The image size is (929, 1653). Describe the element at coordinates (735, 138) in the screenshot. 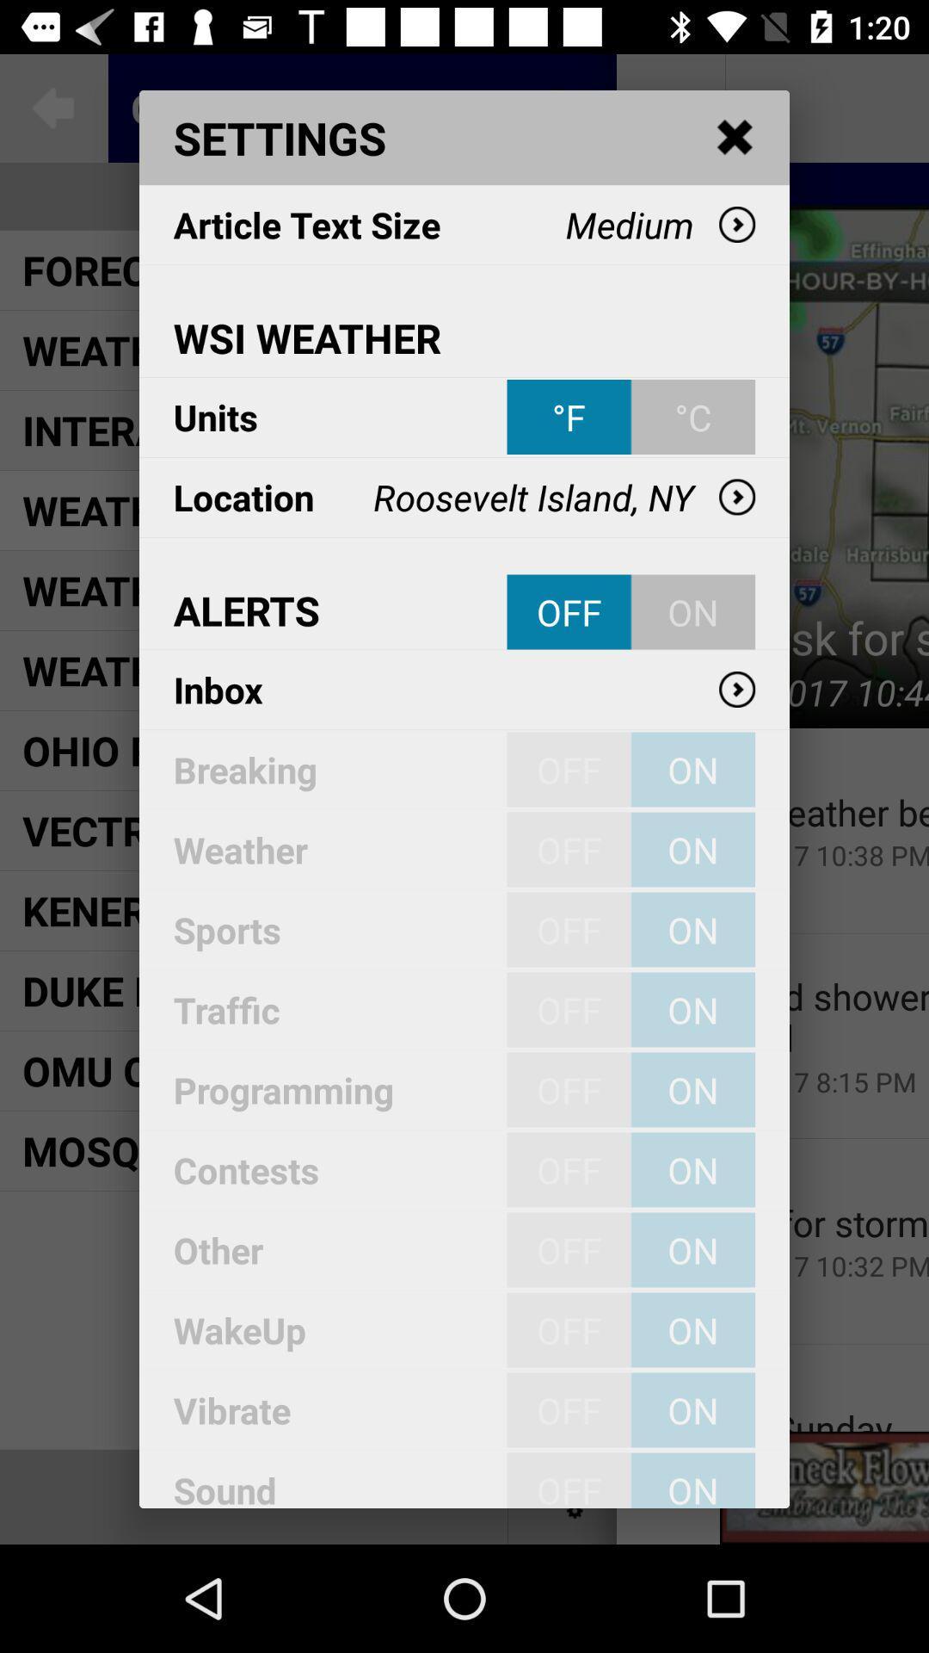

I see `item above the medium  item` at that location.